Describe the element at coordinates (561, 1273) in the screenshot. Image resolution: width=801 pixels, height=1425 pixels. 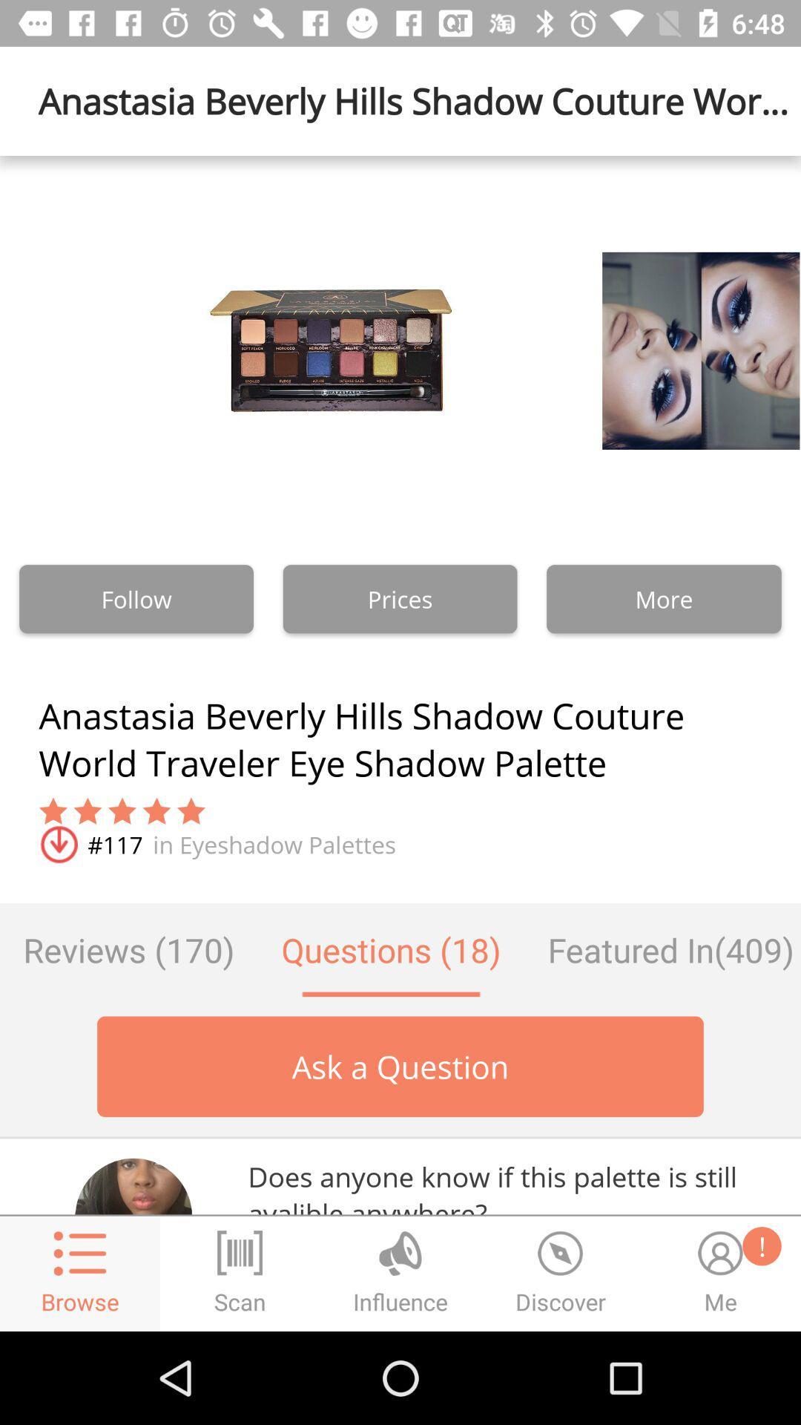
I see `the time icon` at that location.